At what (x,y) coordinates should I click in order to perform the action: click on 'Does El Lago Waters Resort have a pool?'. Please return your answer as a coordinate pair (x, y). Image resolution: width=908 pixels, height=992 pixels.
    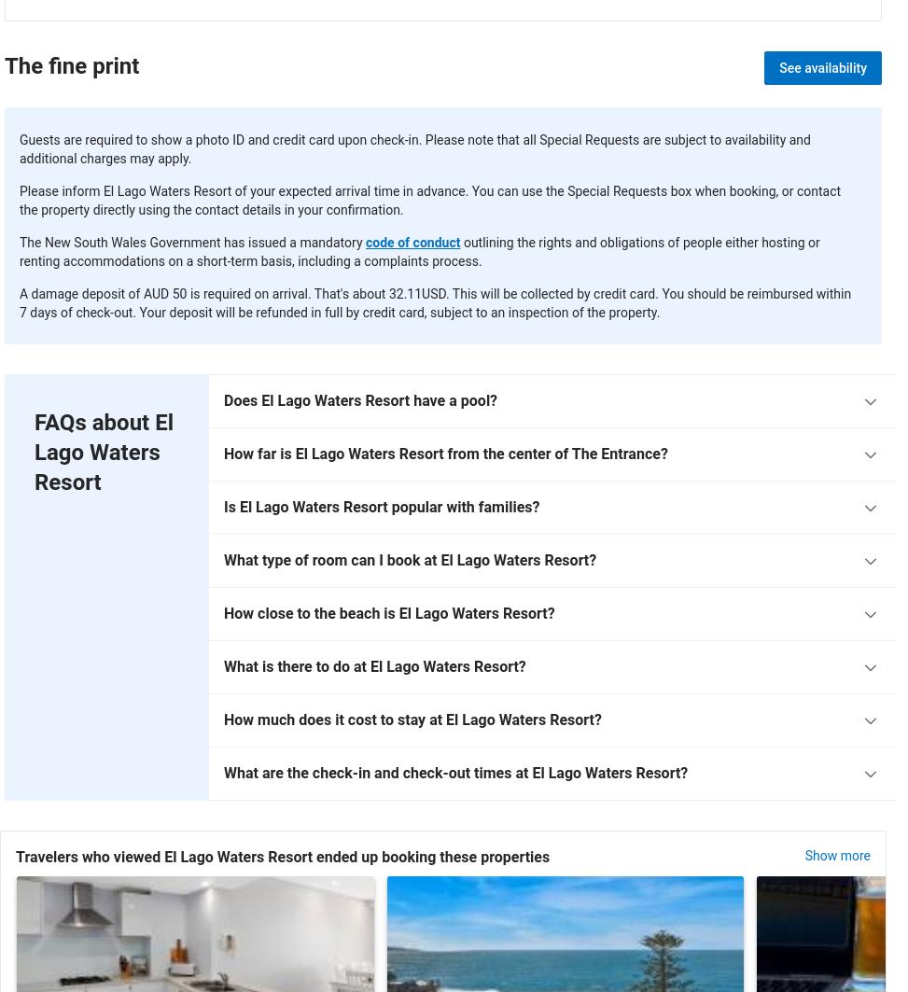
    Looking at the image, I should click on (359, 400).